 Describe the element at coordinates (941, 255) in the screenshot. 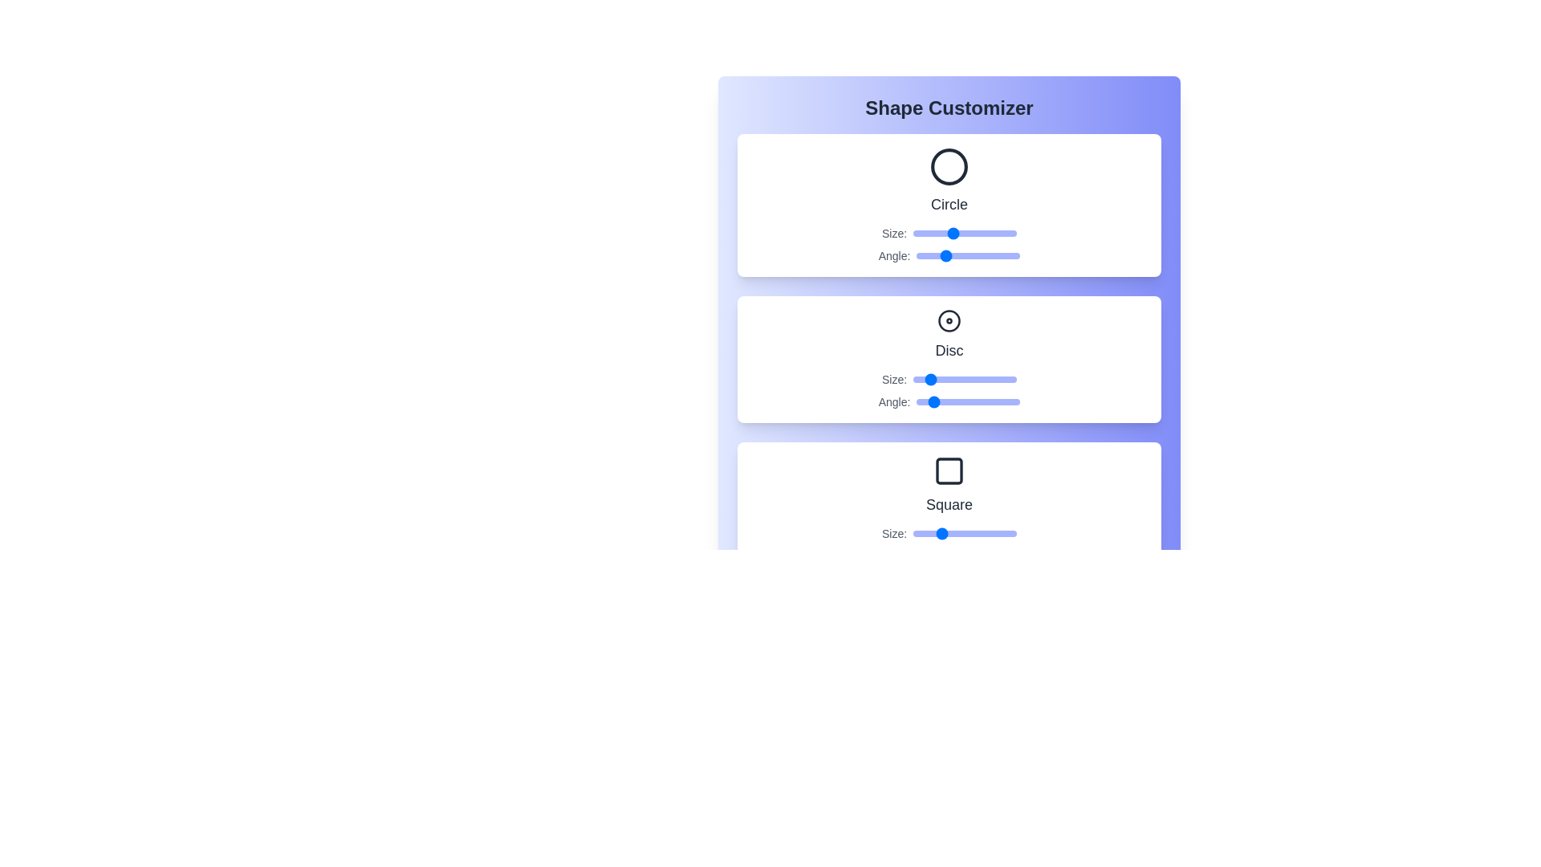

I see `the Circle's angle slider to 88 degrees` at that location.